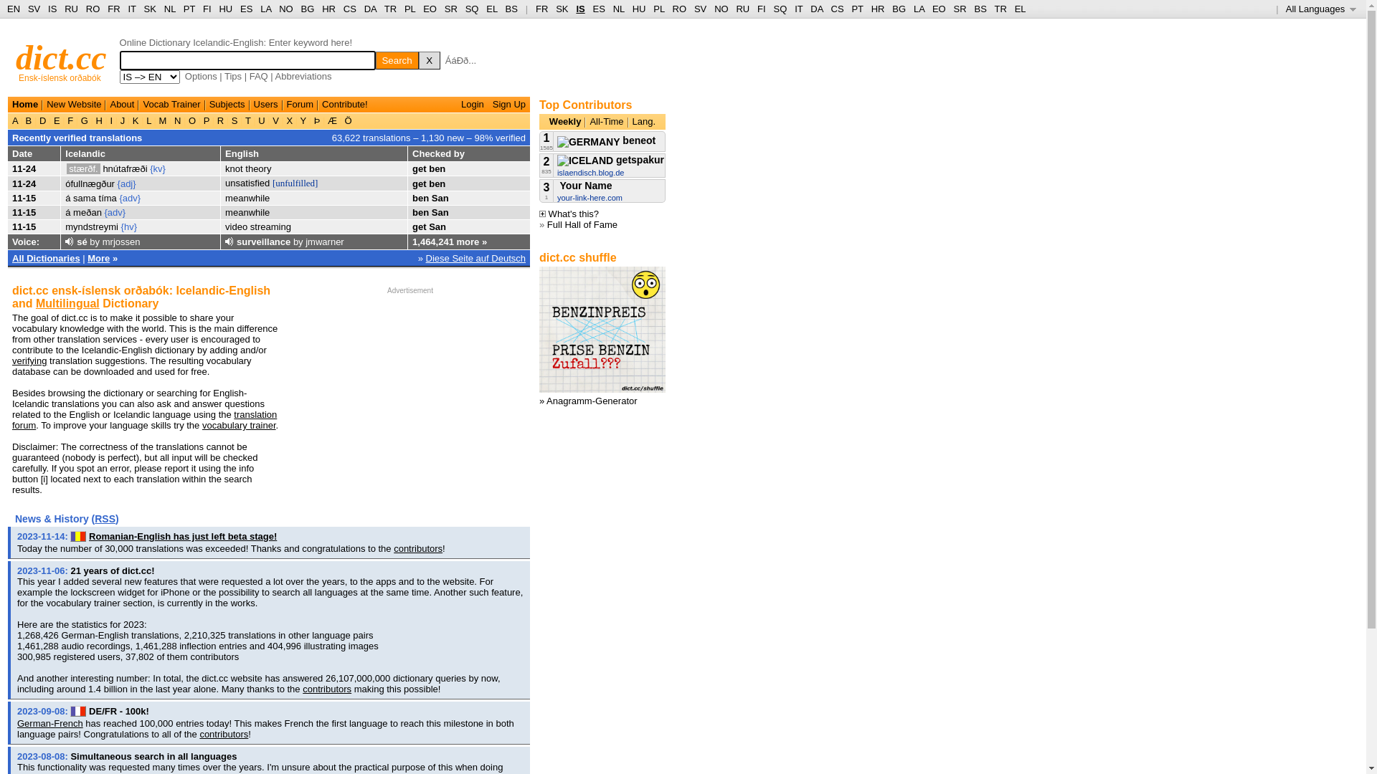  What do you see at coordinates (258, 226) in the screenshot?
I see `'video streaming'` at bounding box center [258, 226].